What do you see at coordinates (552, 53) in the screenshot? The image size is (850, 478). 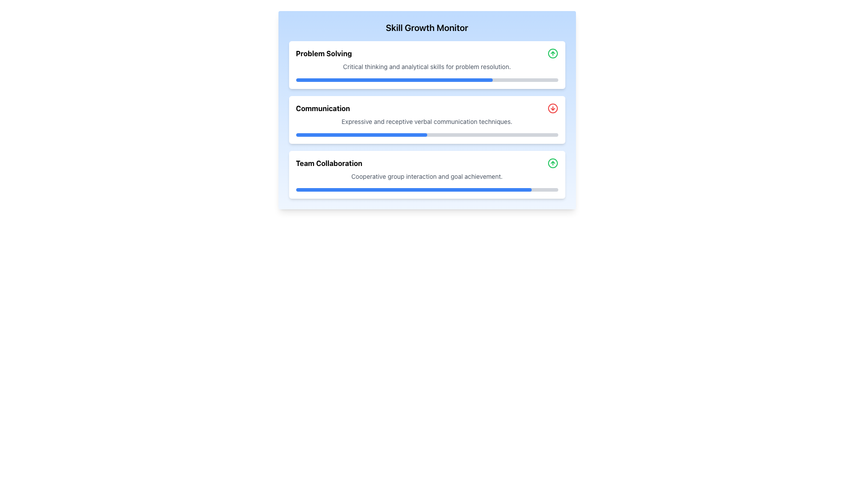 I see `the upward-pointing arrow icon encased in a green circular border, located on the far-right of the 'Problem Solving' section title` at bounding box center [552, 53].